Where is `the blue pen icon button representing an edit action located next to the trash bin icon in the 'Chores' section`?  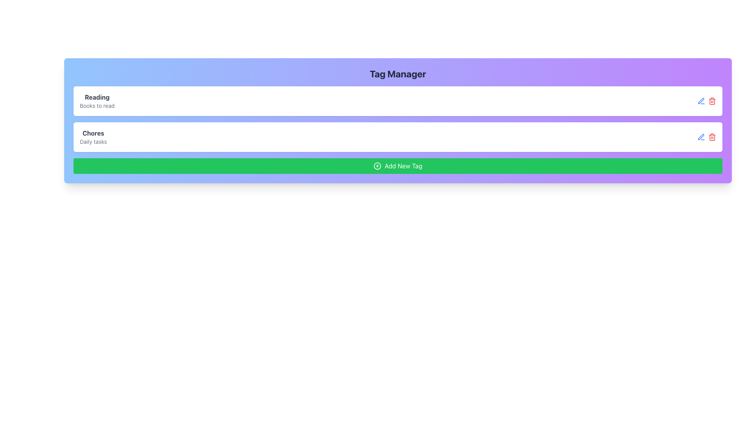 the blue pen icon button representing an edit action located next to the trash bin icon in the 'Chores' section is located at coordinates (701, 100).